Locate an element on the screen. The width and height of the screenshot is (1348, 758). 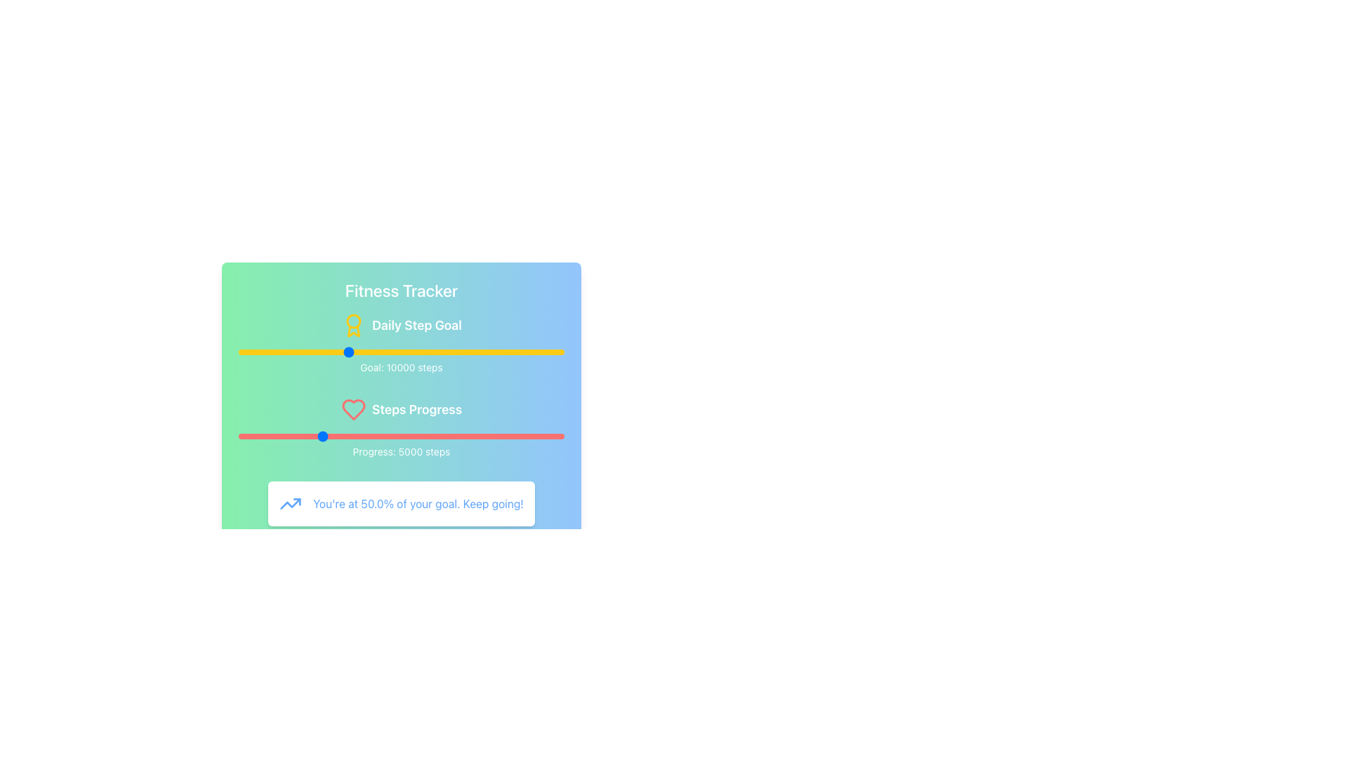
the medal icon, which is yellow and has a minimalistic award-like appearance, located to the left of the 'Daily Step Goal' text in the top section of the interface near the 'Fitness Tracker' title is located at coordinates (354, 325).